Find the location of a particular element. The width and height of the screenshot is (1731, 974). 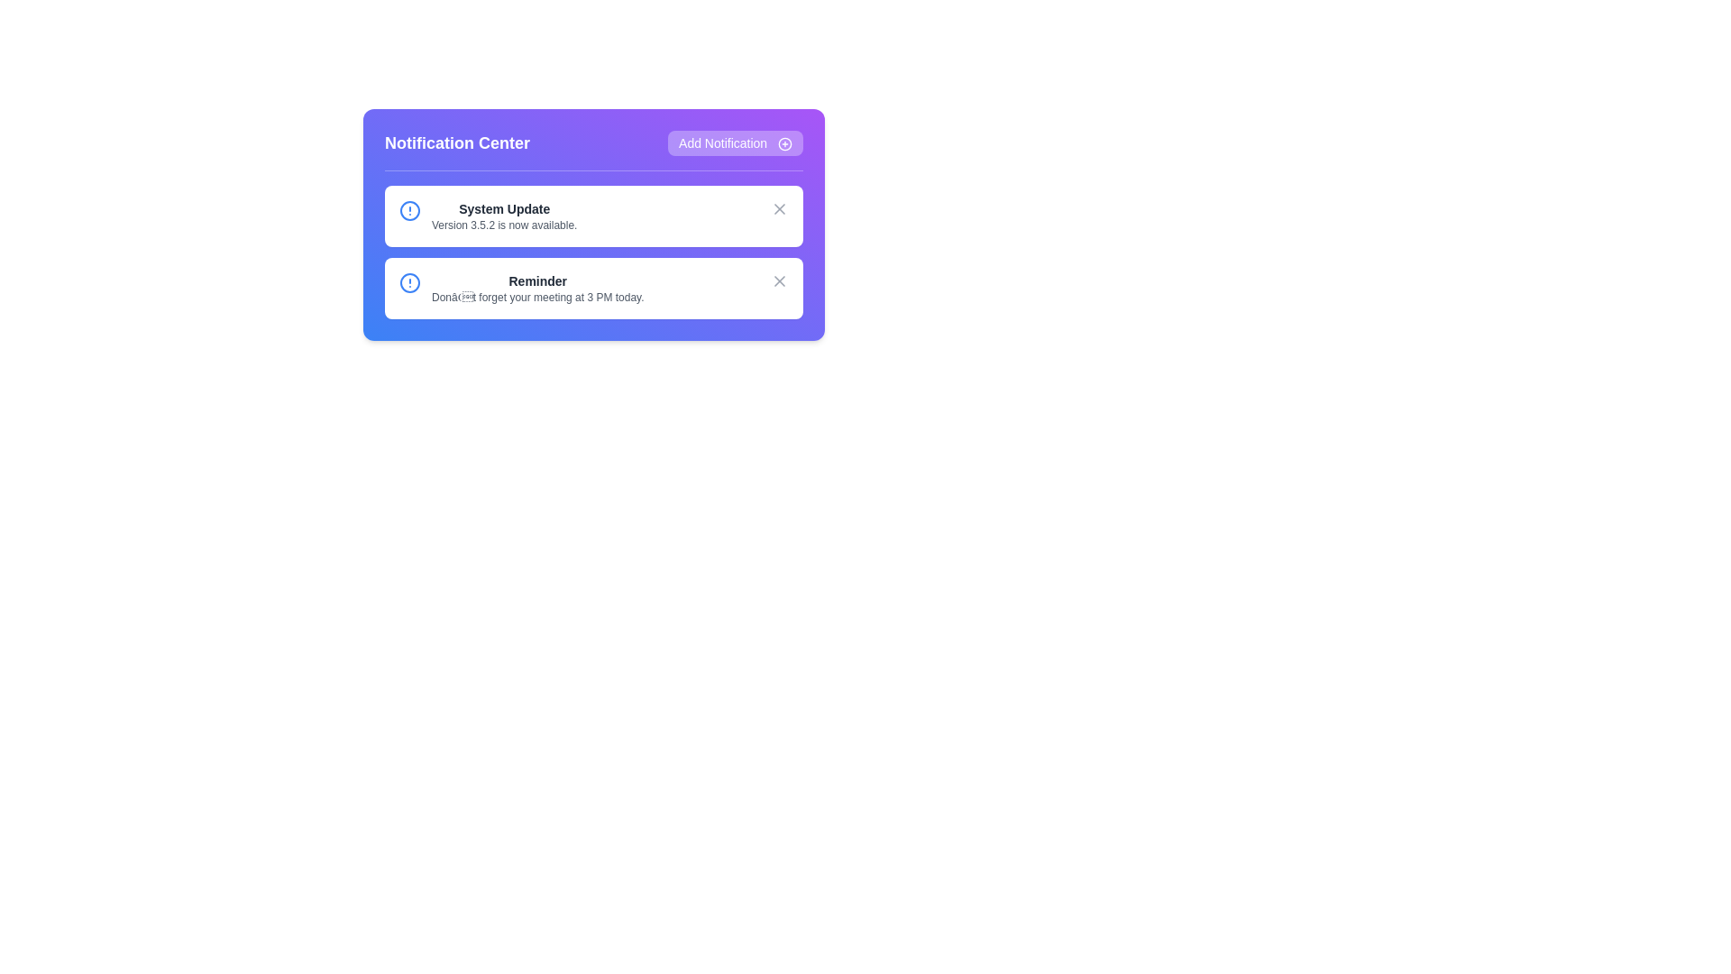

the action-indicator icon located to the right of the 'Add Notification' text in the top-right corner of the notification center section to initiate the action of adding a new notification is located at coordinates (784, 142).